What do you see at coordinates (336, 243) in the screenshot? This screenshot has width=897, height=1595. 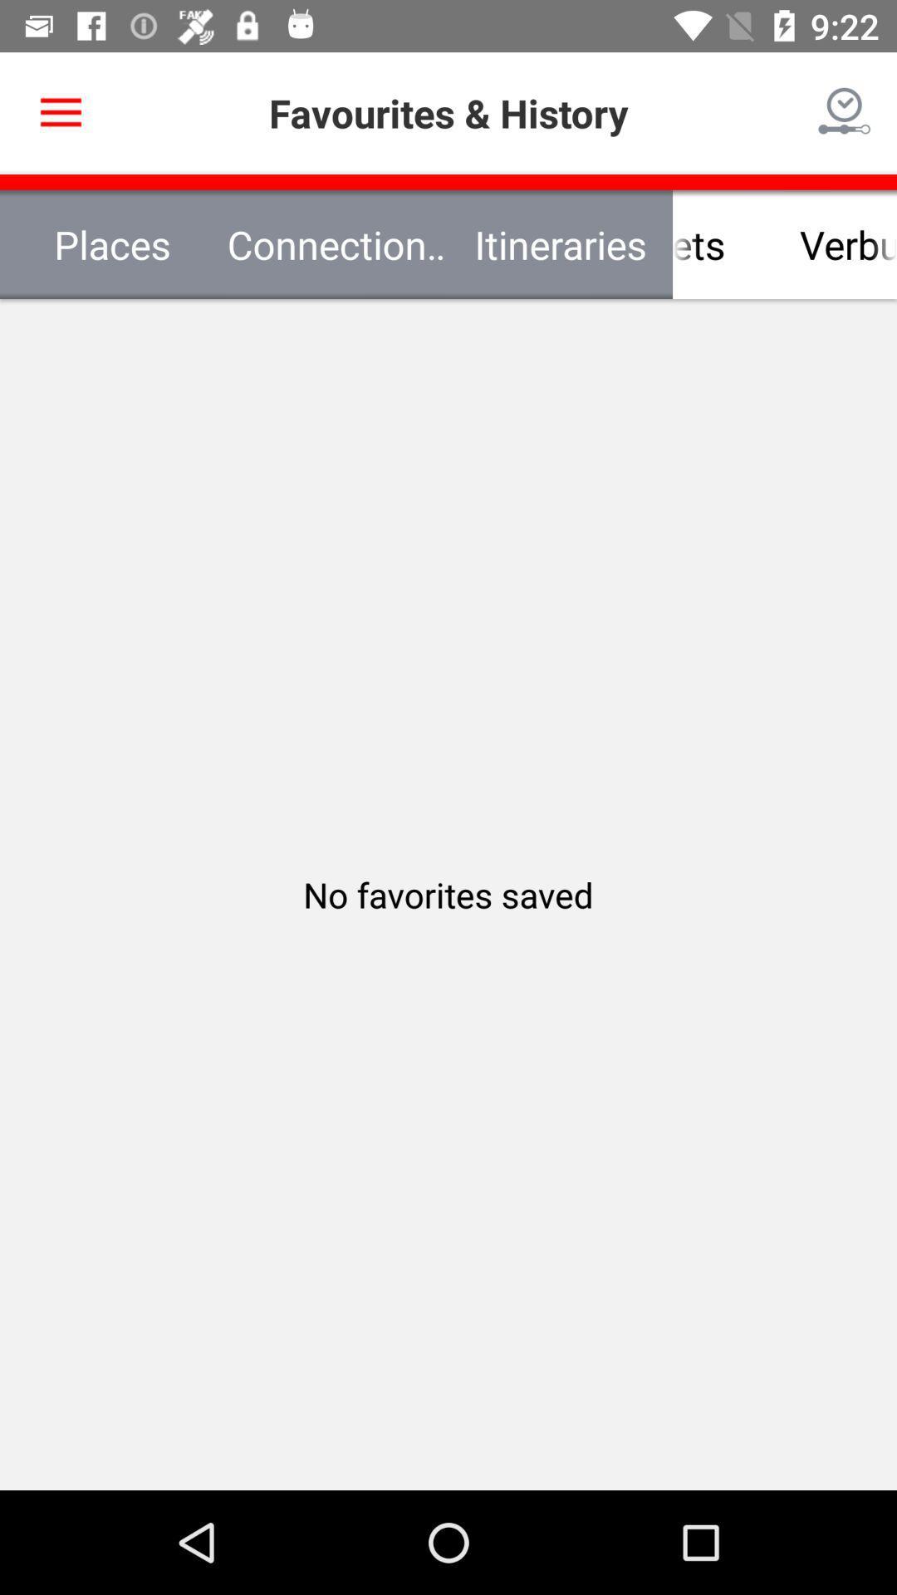 I see `the item to the left of itineraries icon` at bounding box center [336, 243].